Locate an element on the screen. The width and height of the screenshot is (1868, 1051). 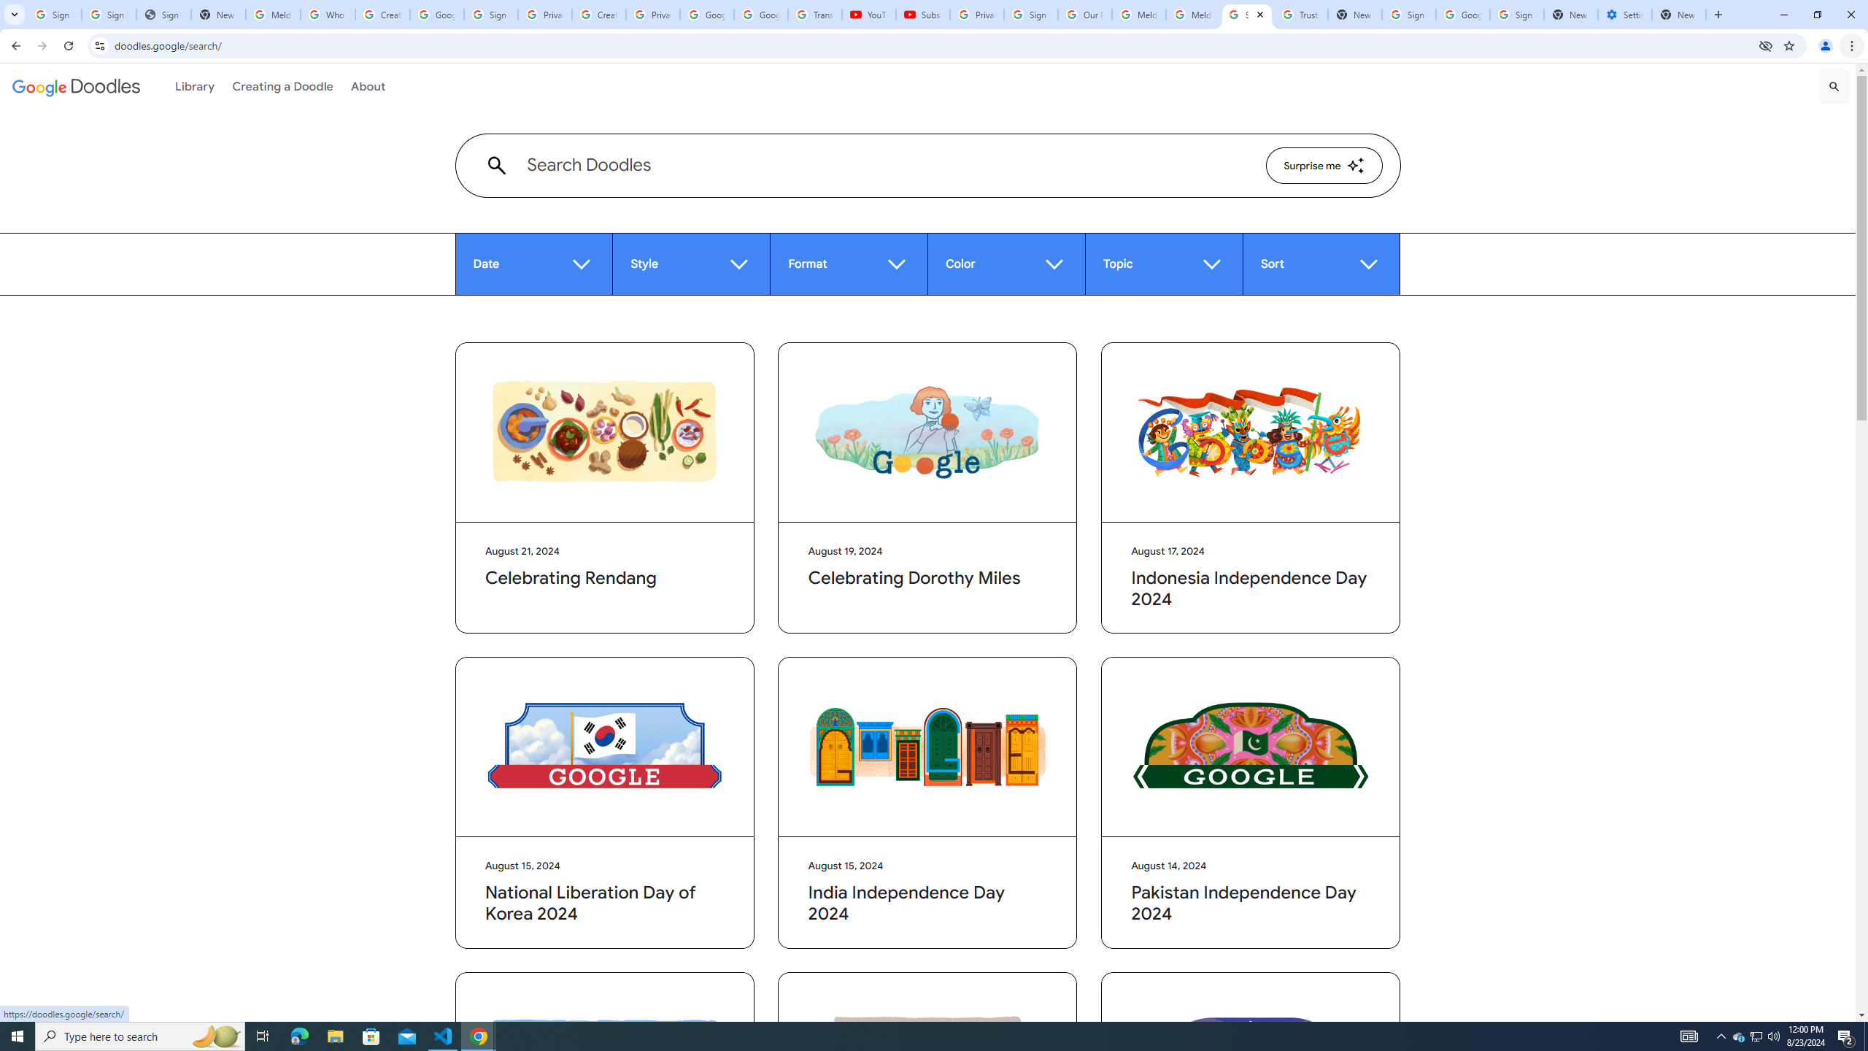
'Subscriptions - YouTube' is located at coordinates (922, 14).